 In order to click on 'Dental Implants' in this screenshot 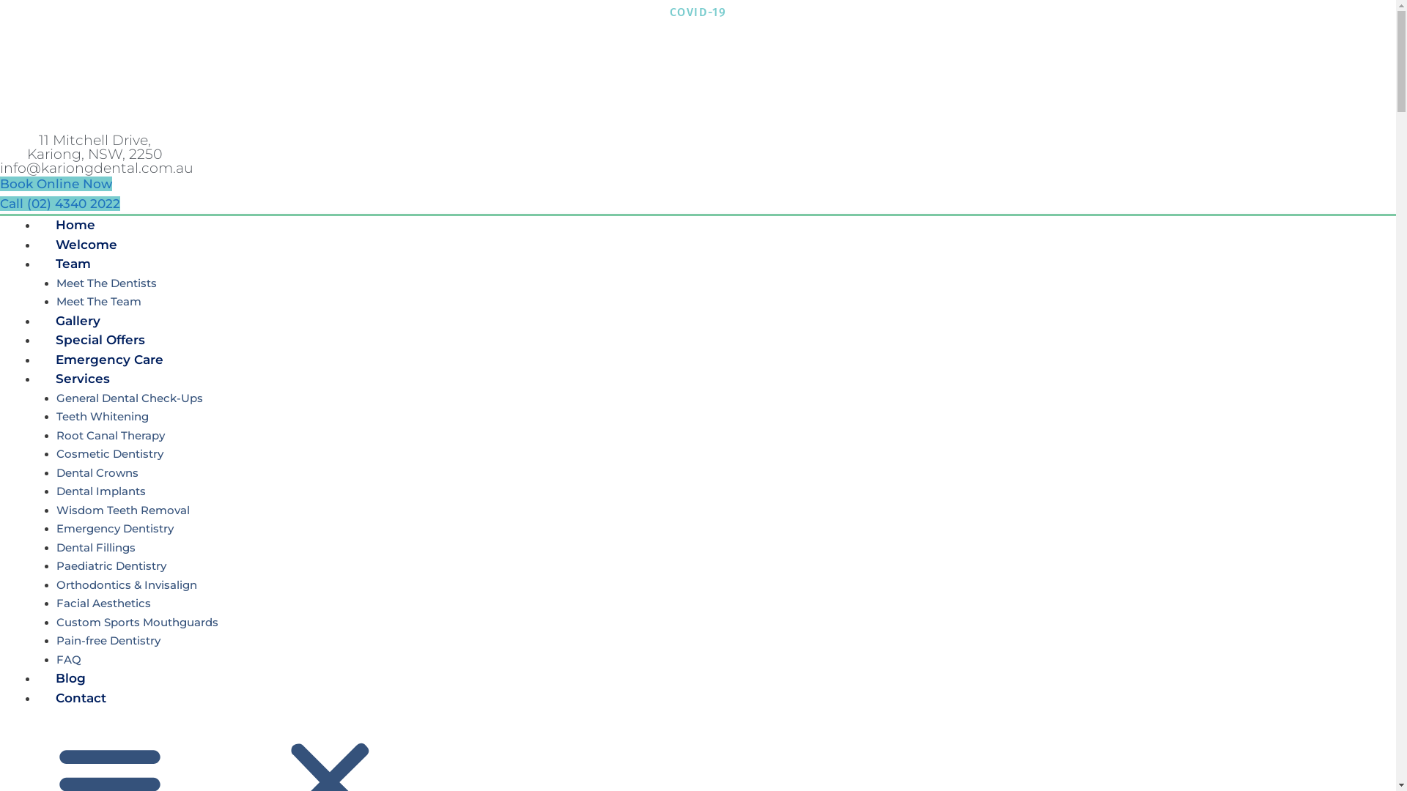, I will do `click(100, 491)`.